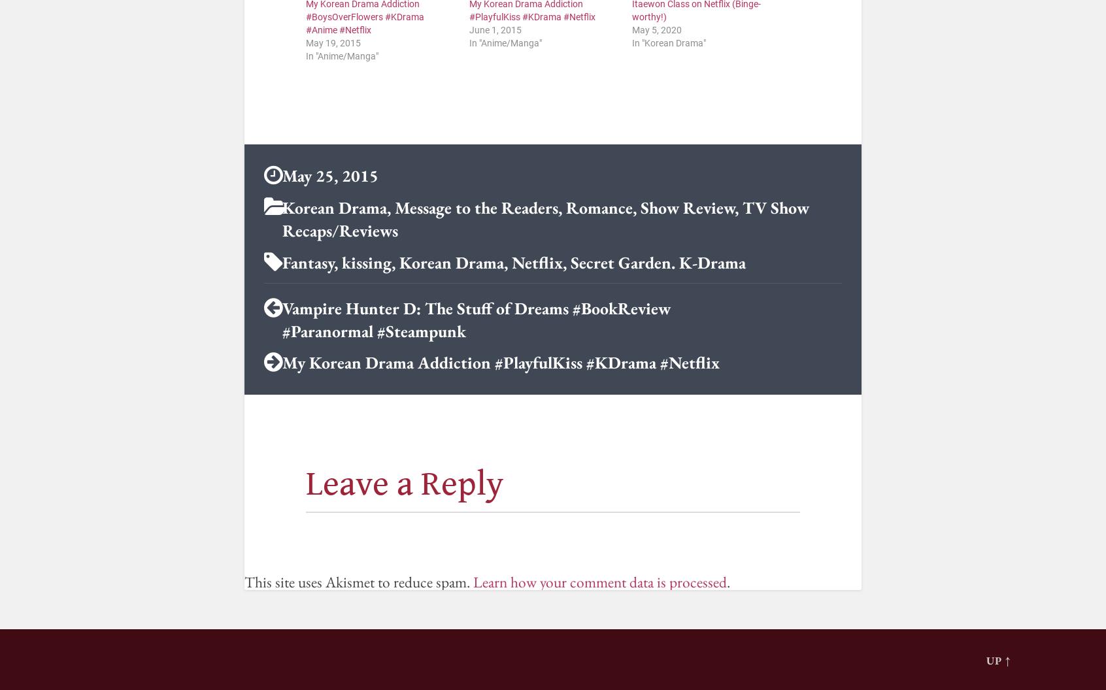  What do you see at coordinates (367, 261) in the screenshot?
I see `'kissing'` at bounding box center [367, 261].